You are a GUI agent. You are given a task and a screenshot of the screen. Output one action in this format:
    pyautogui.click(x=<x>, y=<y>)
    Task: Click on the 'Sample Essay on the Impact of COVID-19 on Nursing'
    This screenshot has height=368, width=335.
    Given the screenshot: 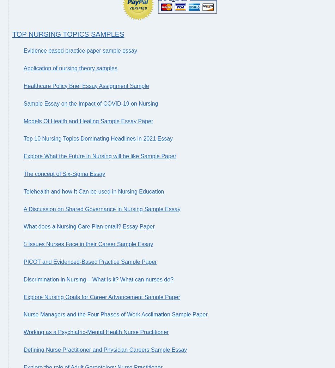 What is the action you would take?
    pyautogui.click(x=90, y=103)
    